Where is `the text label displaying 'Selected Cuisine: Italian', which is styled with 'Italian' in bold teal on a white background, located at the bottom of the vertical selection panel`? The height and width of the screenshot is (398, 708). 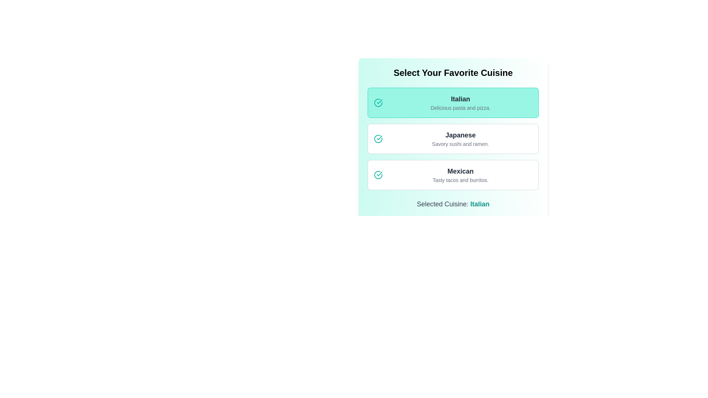
the text label displaying 'Selected Cuisine: Italian', which is styled with 'Italian' in bold teal on a white background, located at the bottom of the vertical selection panel is located at coordinates (452, 204).